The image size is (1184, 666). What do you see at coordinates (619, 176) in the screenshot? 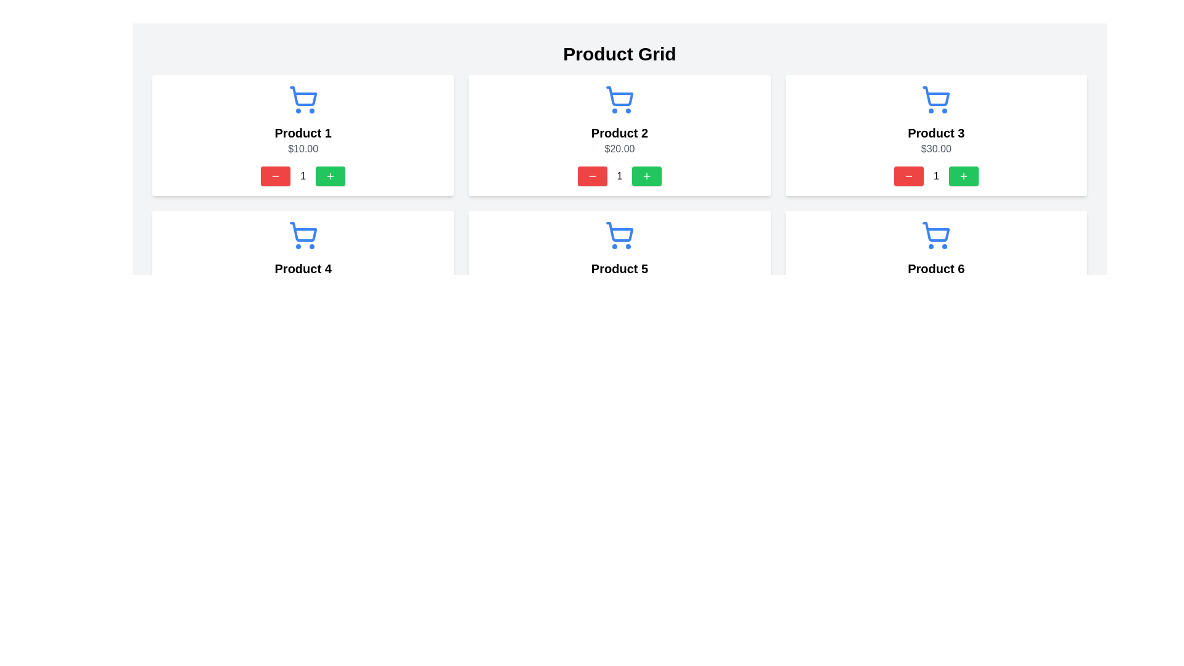
I see `the text label displaying the current quantity of the product selected in the 'Product 2' section for potential additional detail or styling effect` at bounding box center [619, 176].